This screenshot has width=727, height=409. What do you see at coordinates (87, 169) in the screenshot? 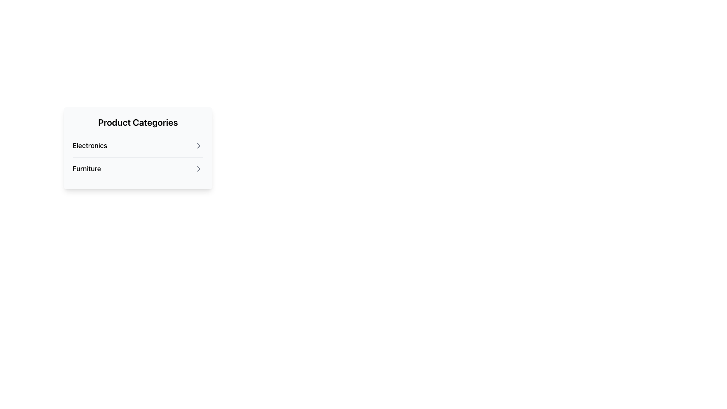
I see `the 'Furniture' category title text label located in the bottom row of the 'Product Categories' white card, directly below 'Electronics'` at bounding box center [87, 169].